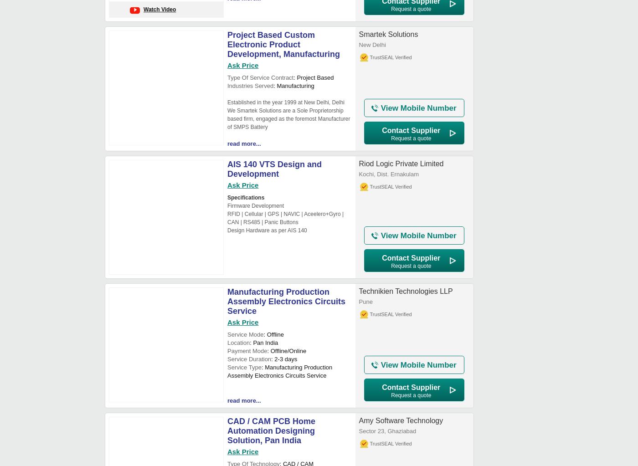  Describe the element at coordinates (293, 86) in the screenshot. I see `':  Manufacturing'` at that location.